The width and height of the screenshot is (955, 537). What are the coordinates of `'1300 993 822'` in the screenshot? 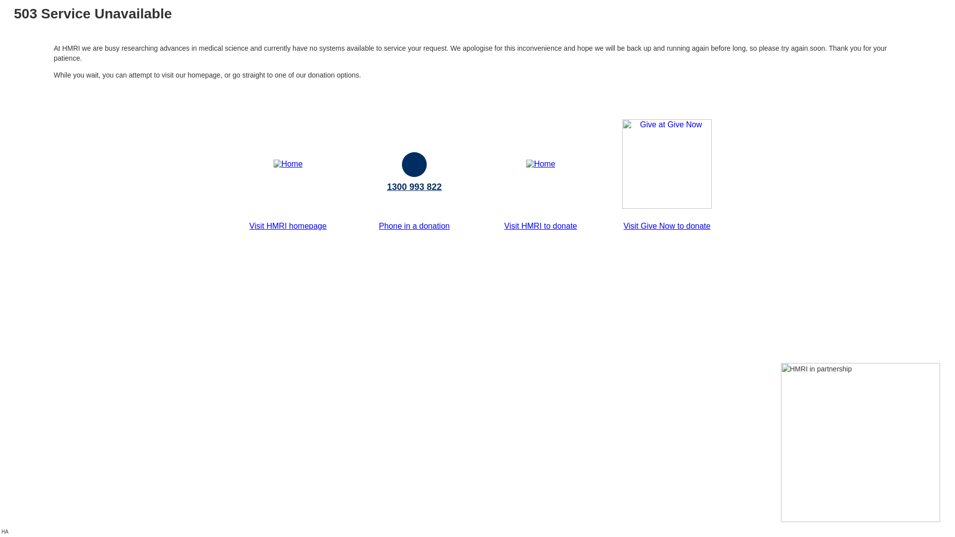 It's located at (414, 187).